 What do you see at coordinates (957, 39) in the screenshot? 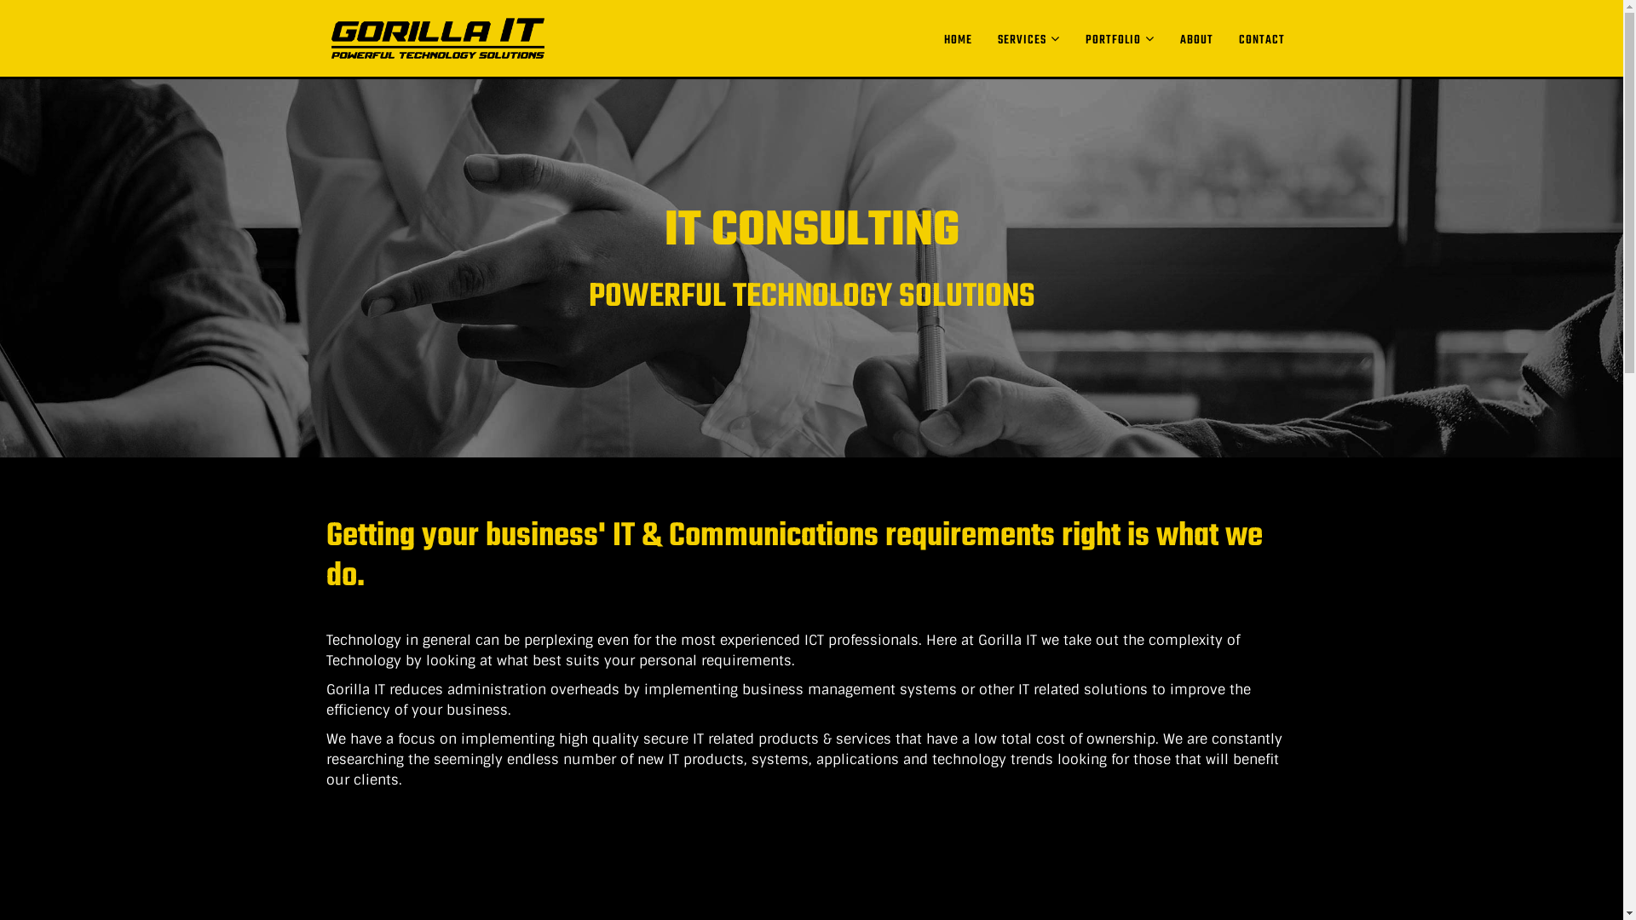
I see `'HOME'` at bounding box center [957, 39].